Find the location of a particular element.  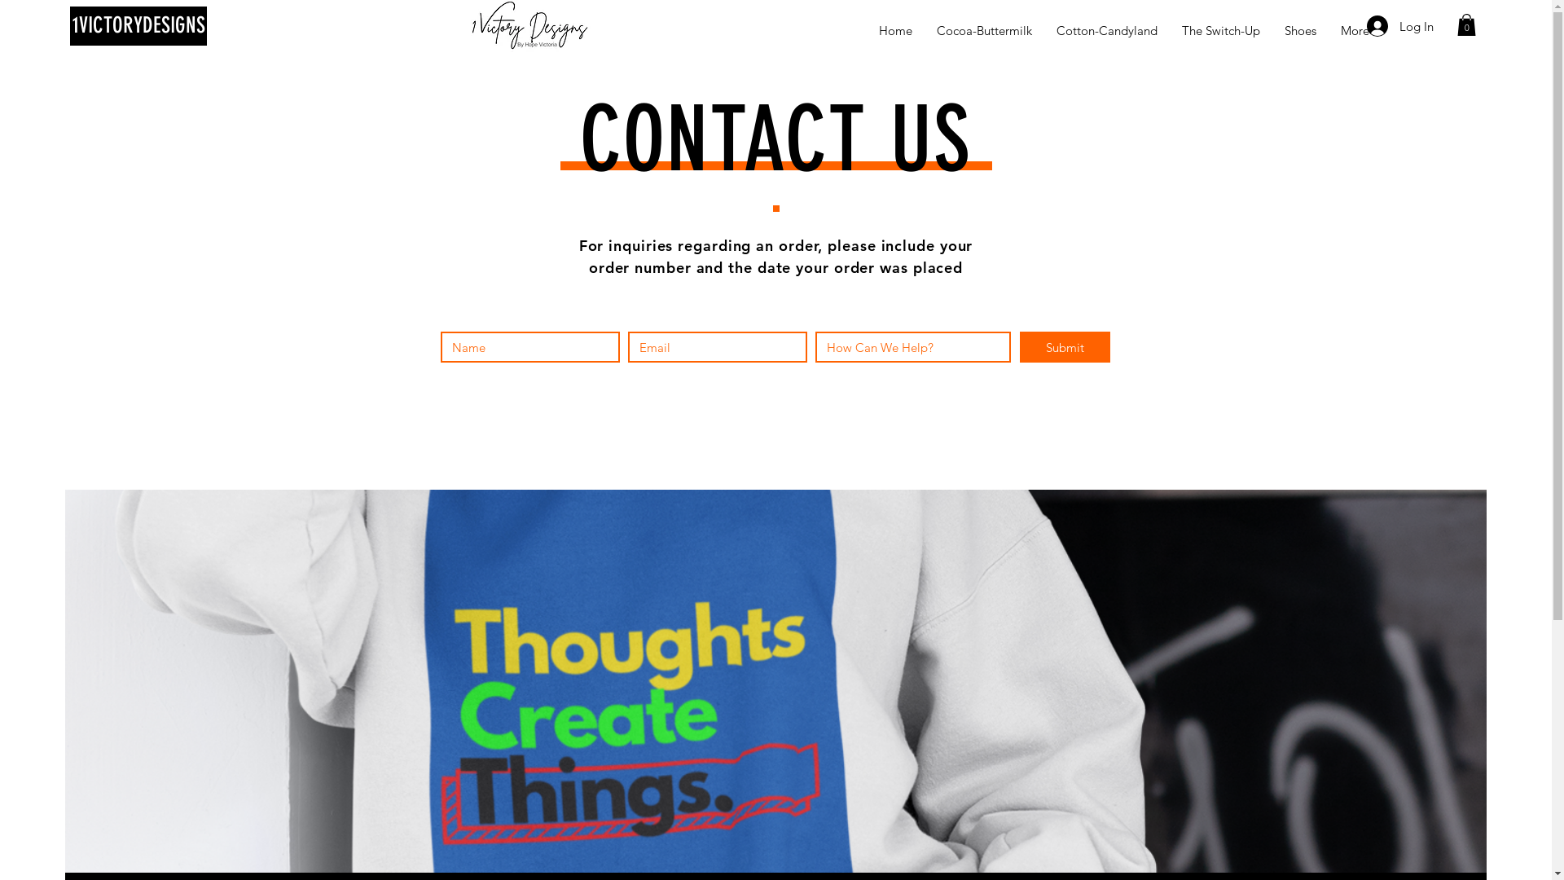

'Shoes' is located at coordinates (1299, 30).